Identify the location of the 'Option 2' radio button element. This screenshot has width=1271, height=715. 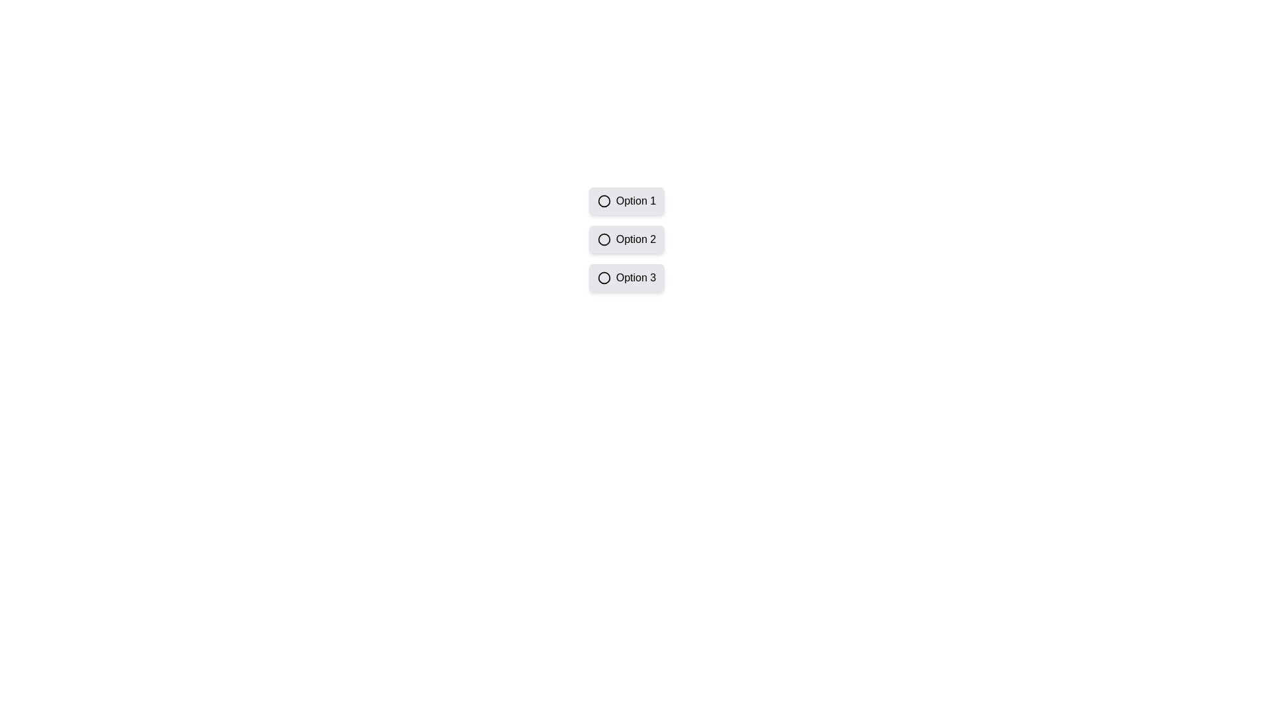
(626, 240).